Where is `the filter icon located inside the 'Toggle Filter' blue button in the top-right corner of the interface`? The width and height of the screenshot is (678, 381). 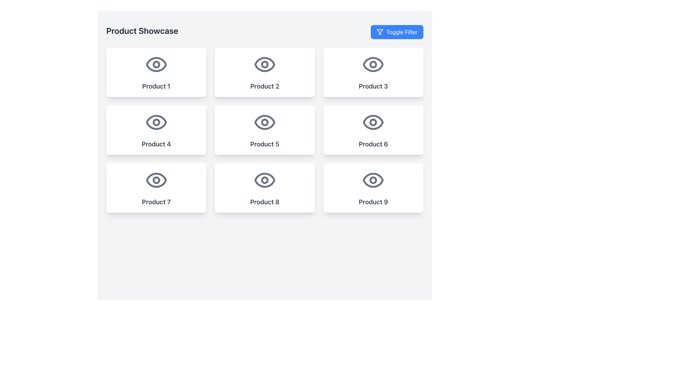 the filter icon located inside the 'Toggle Filter' blue button in the top-right corner of the interface is located at coordinates (379, 32).